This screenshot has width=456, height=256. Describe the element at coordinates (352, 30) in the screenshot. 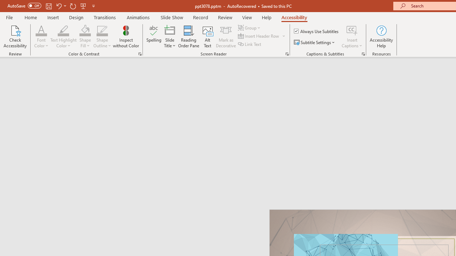

I see `'Insert Captions'` at that location.